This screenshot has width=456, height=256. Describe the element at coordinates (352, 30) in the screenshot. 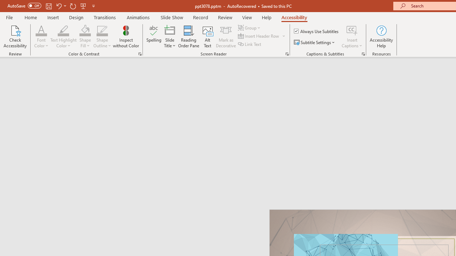

I see `'Insert Captions'` at that location.